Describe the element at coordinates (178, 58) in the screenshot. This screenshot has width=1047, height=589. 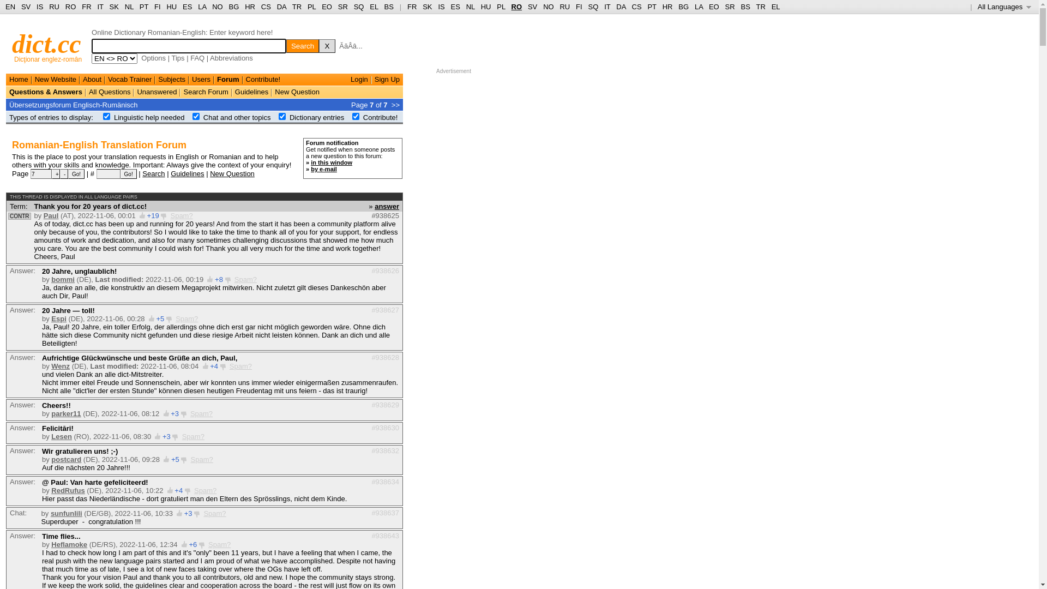
I see `'Tips'` at that location.